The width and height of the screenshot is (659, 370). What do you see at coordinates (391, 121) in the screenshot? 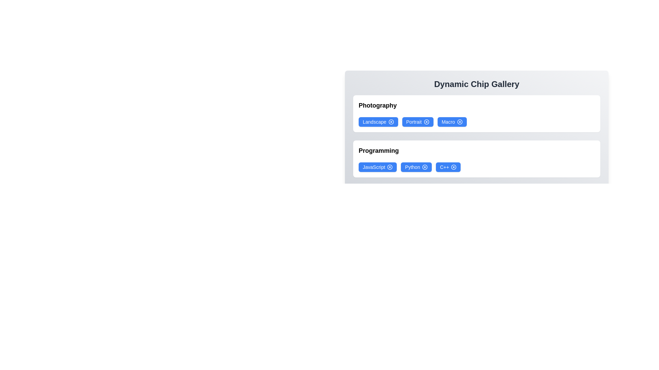
I see `'X' icon on the chip labeled Landscape to remove it` at bounding box center [391, 121].